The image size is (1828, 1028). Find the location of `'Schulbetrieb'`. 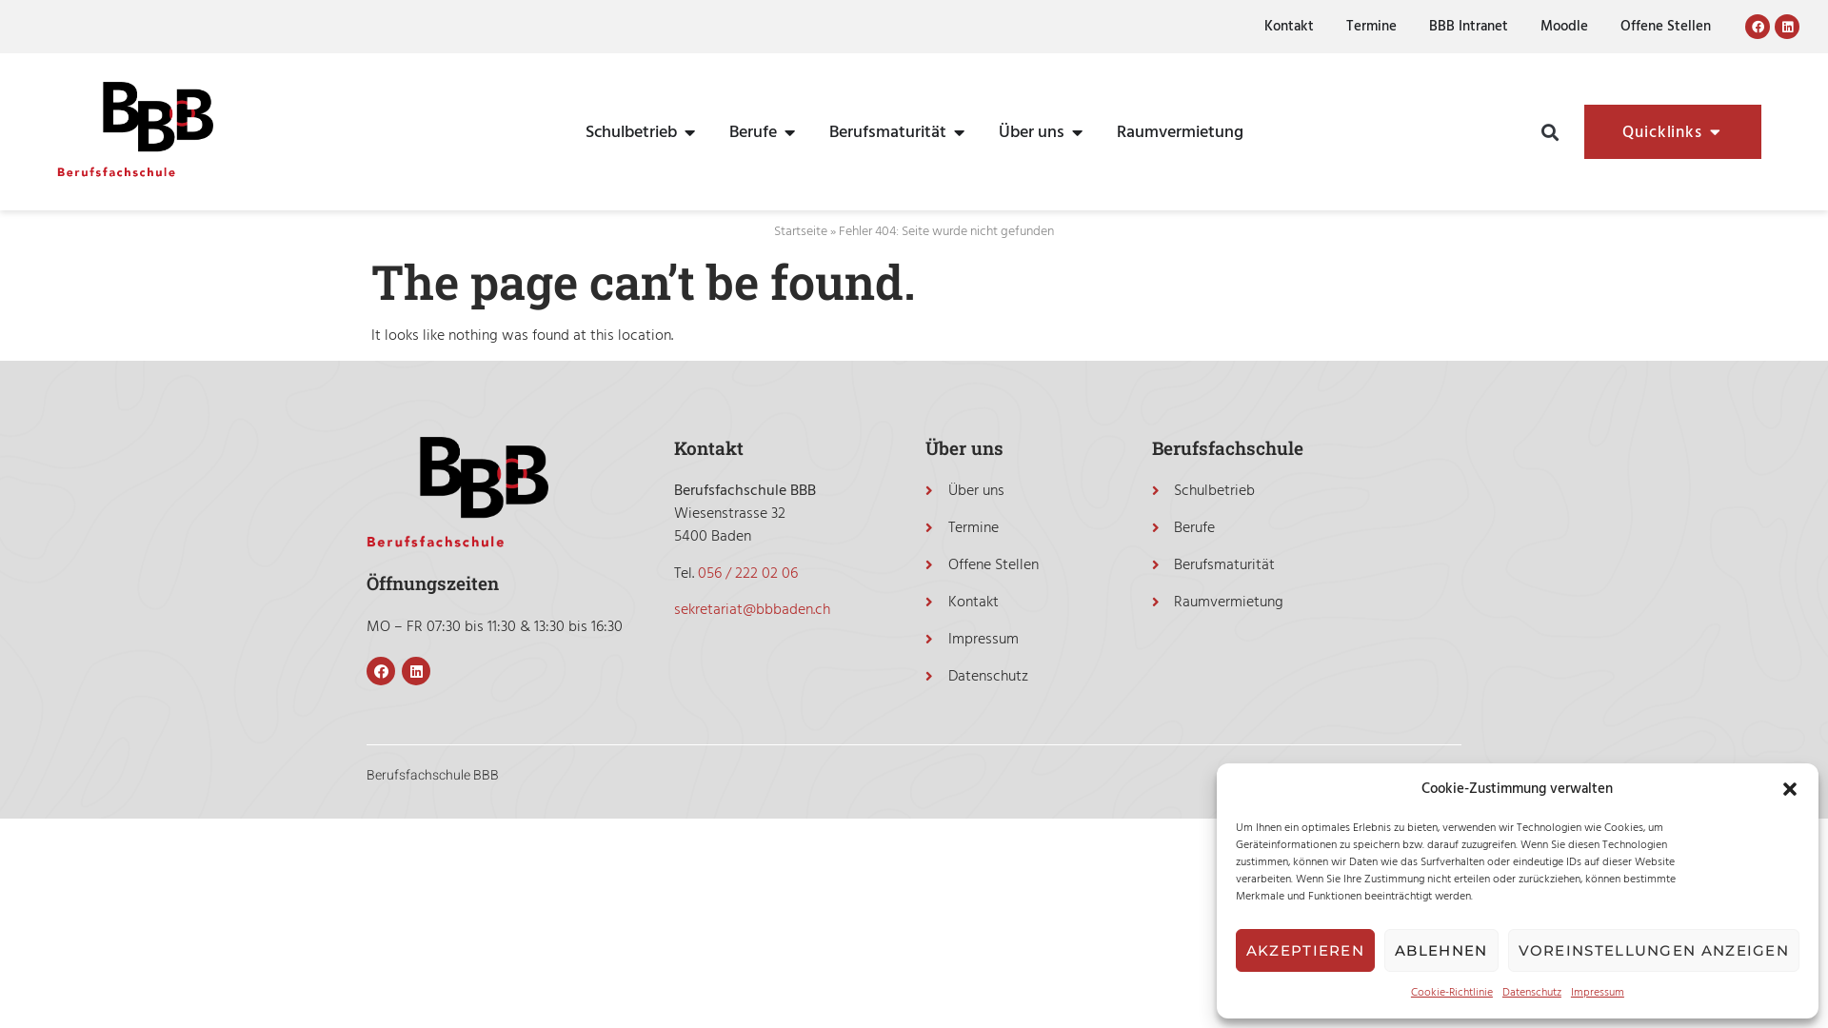

'Schulbetrieb' is located at coordinates (1150, 489).